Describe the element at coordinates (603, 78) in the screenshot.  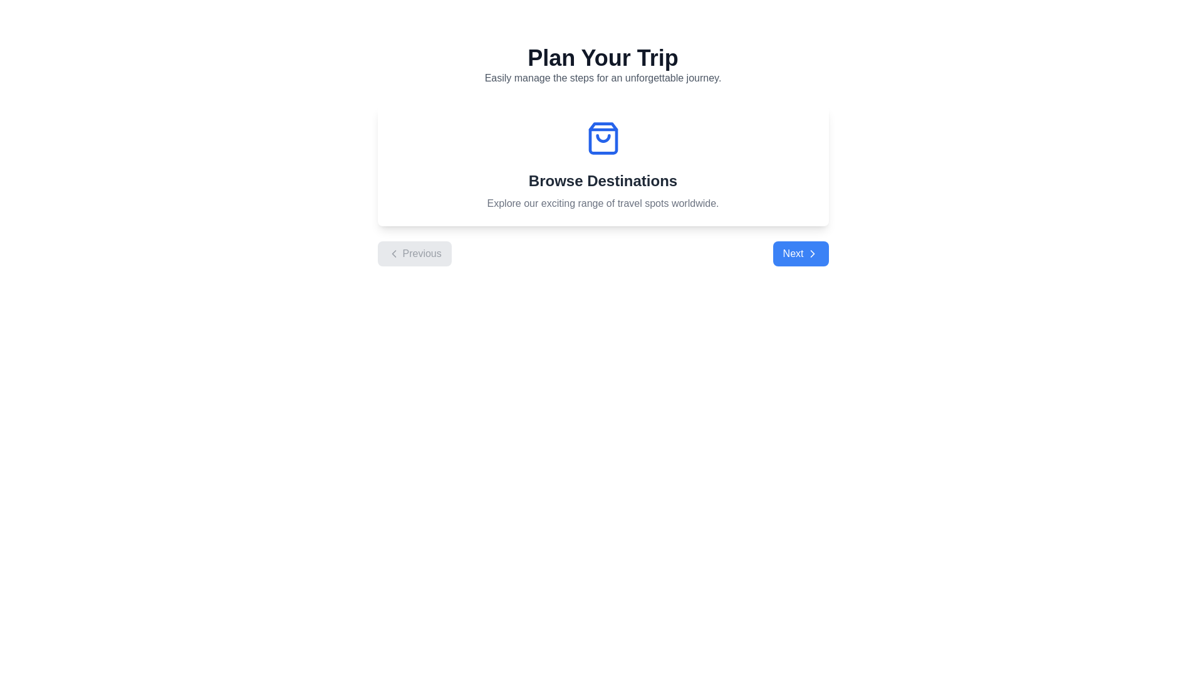
I see `the informative message or subtitle element located directly below the title 'Plan Your Trip.'` at that location.